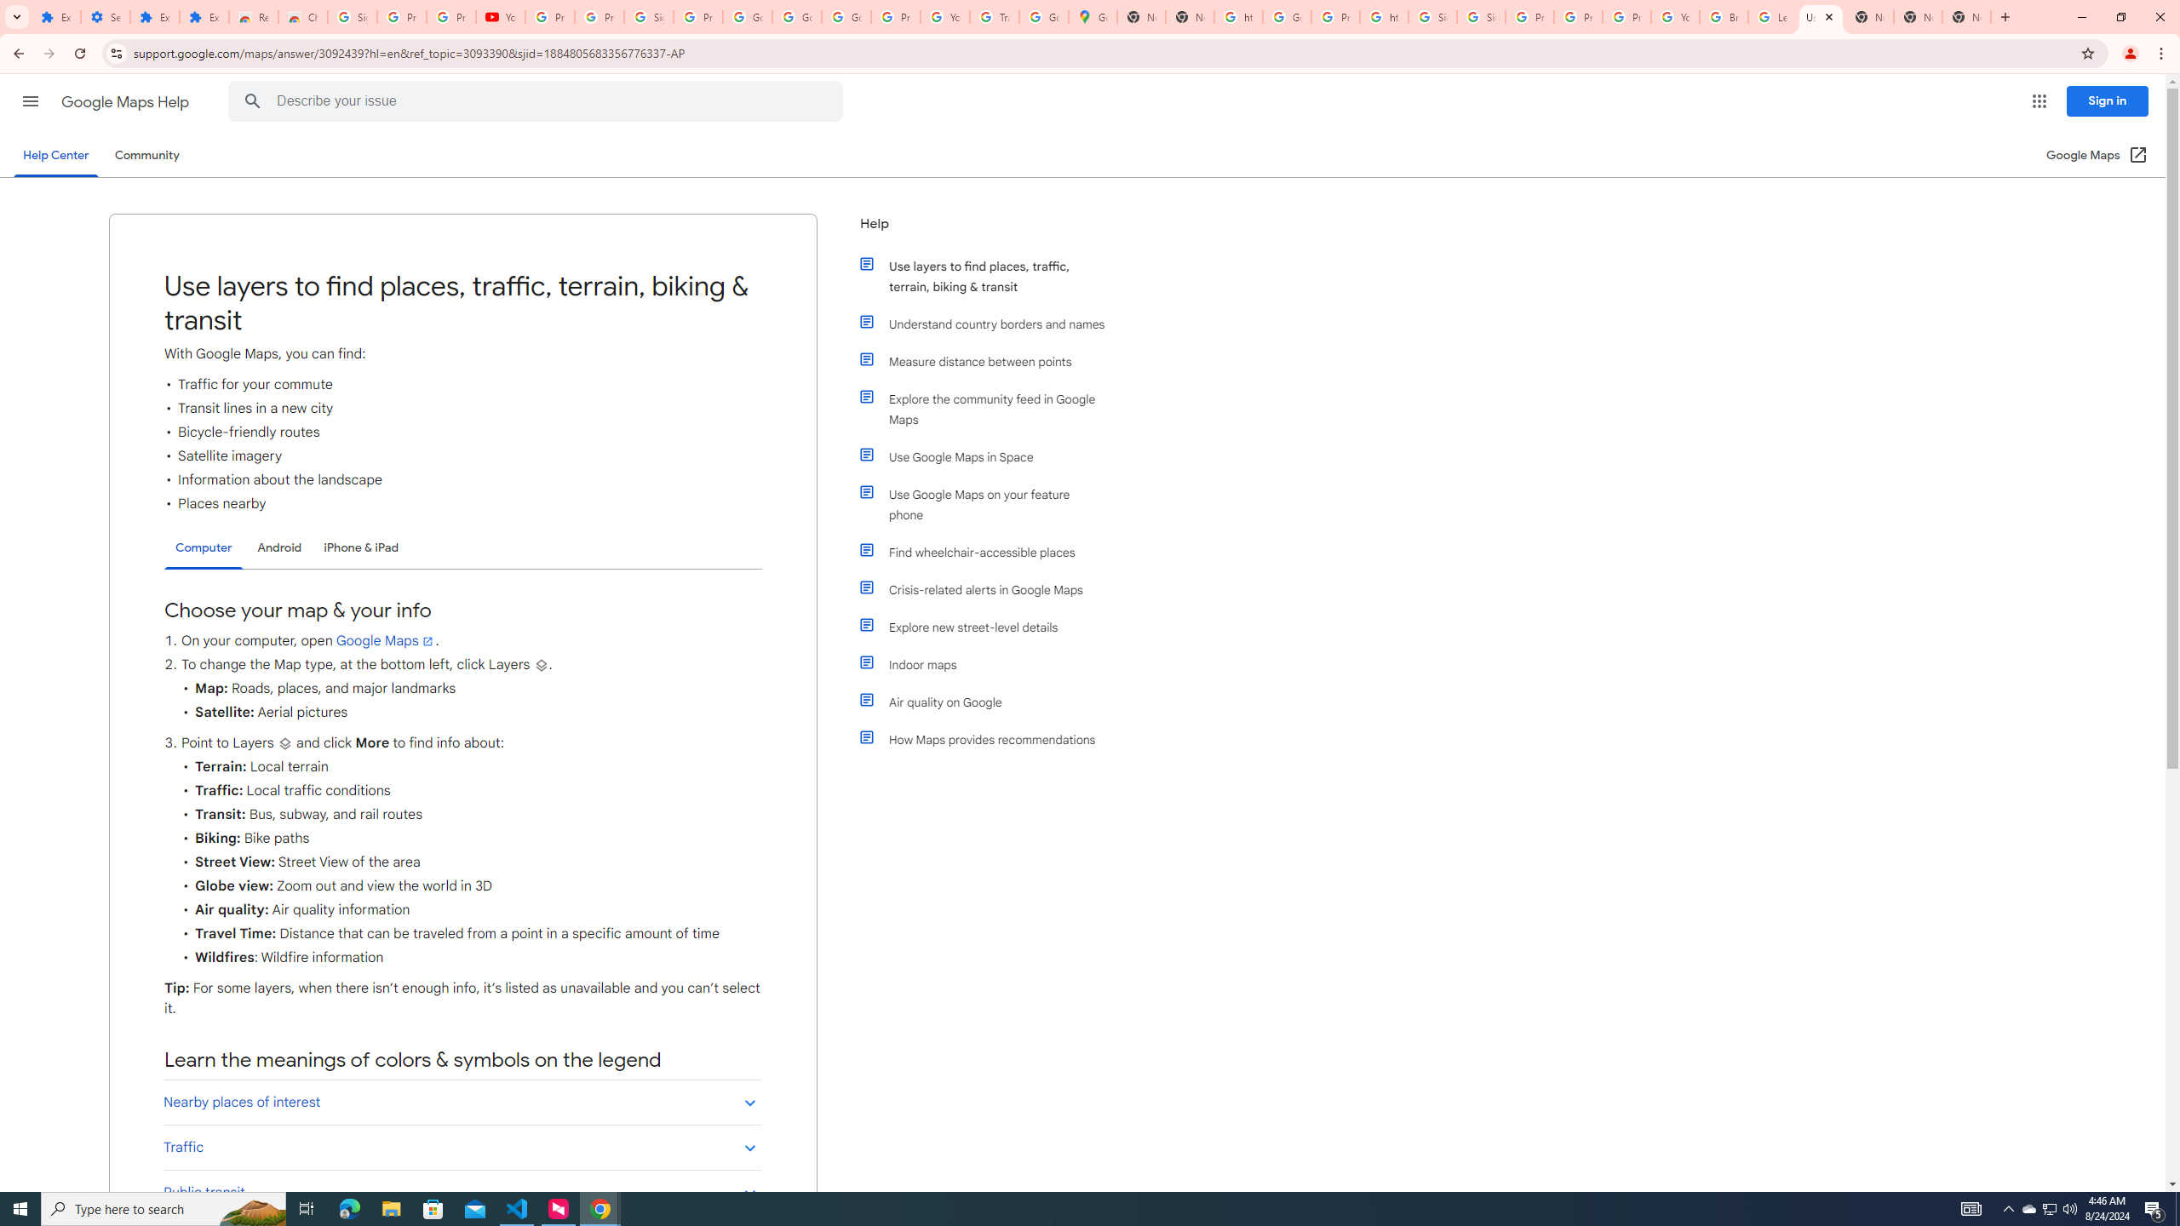 The height and width of the screenshot is (1226, 2180). I want to click on 'Sign in - Google Accounts', so click(1480, 16).